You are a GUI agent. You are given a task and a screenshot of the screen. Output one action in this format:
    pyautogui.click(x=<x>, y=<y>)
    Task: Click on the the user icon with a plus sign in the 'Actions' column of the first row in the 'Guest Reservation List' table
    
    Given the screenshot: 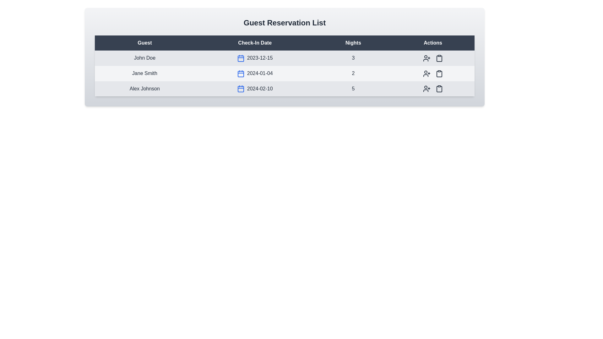 What is the action you would take?
    pyautogui.click(x=426, y=58)
    